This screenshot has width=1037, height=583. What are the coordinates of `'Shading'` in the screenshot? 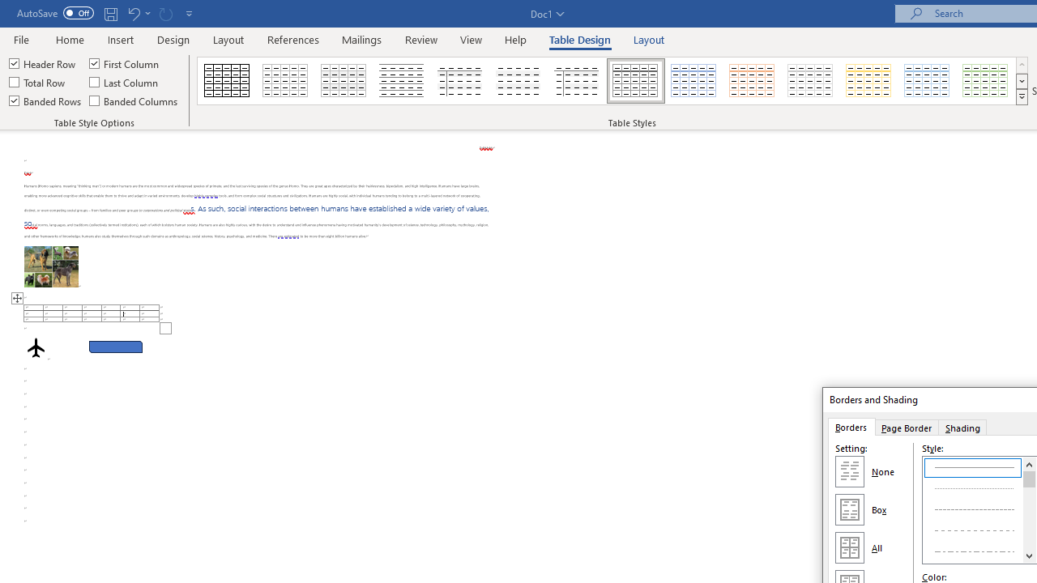 It's located at (963, 426).